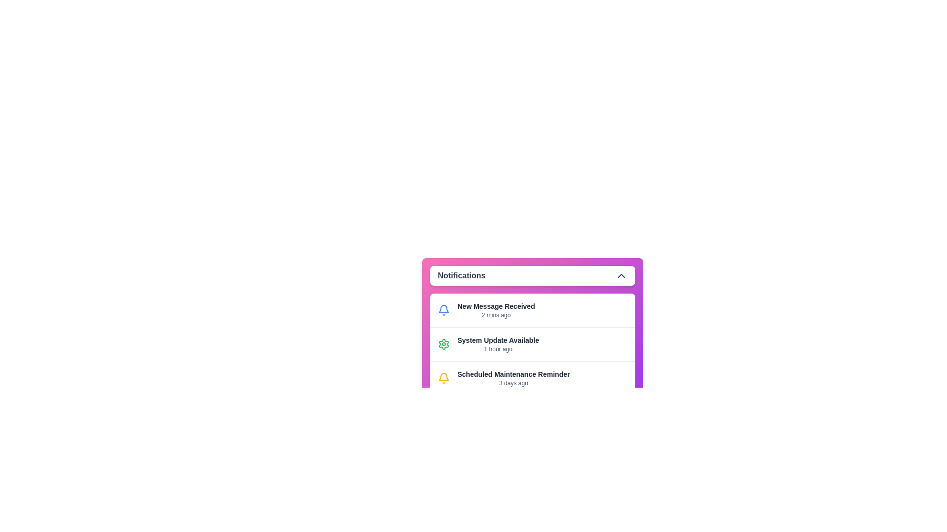 This screenshot has width=947, height=532. Describe the element at coordinates (496, 305) in the screenshot. I see `text label displaying 'New Message Received' located at the top of the first entry in the notification list, which has a dark font color and is styled in bold` at that location.